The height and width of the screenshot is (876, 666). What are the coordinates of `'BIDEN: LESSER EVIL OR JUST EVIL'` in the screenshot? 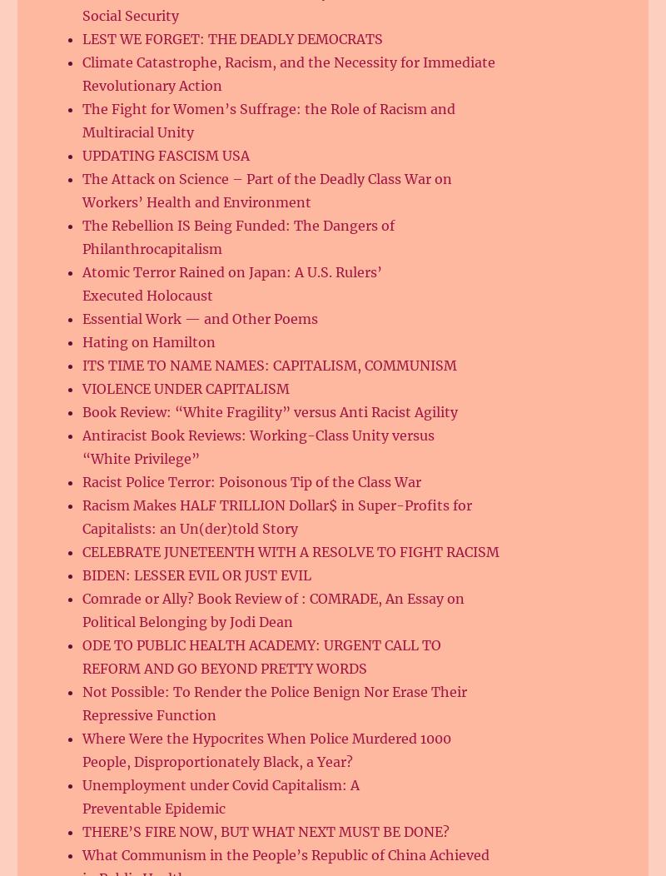 It's located at (196, 574).